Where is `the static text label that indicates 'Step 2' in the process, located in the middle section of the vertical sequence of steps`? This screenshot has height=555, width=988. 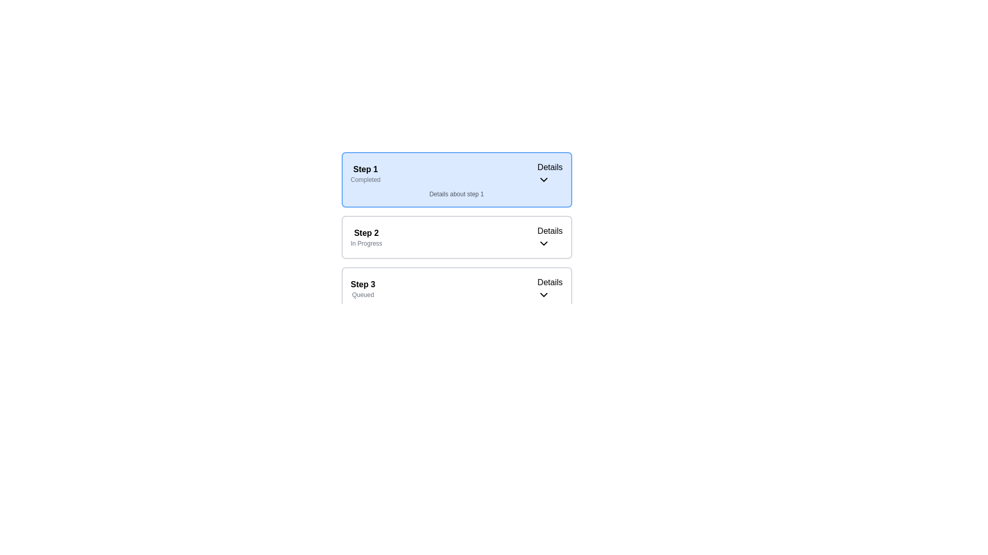
the static text label that indicates 'Step 2' in the process, located in the middle section of the vertical sequence of steps is located at coordinates (366, 233).